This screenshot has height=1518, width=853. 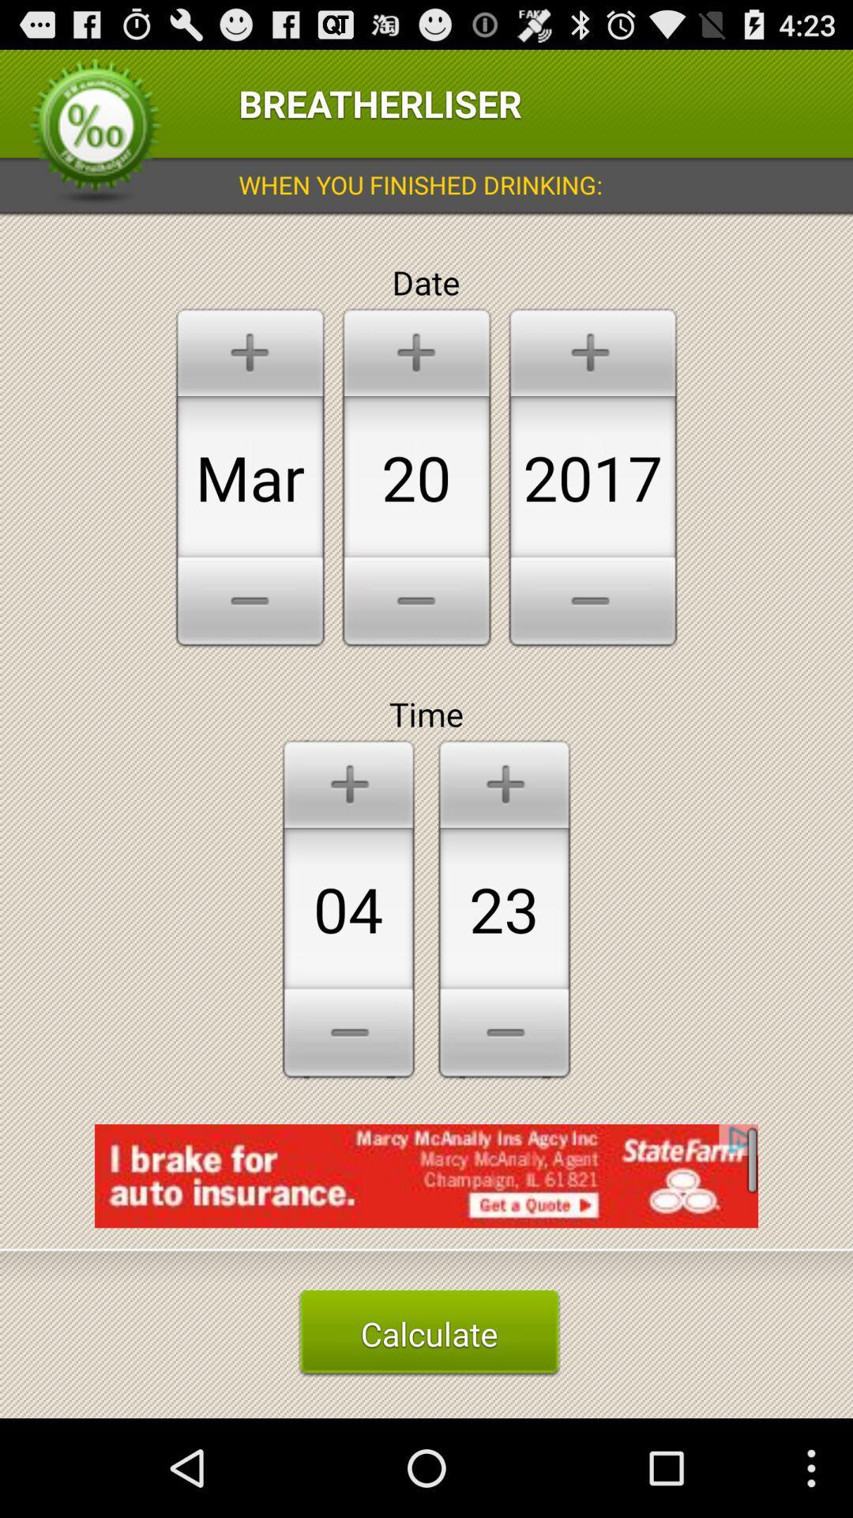 What do you see at coordinates (348, 909) in the screenshot?
I see `first box in time` at bounding box center [348, 909].